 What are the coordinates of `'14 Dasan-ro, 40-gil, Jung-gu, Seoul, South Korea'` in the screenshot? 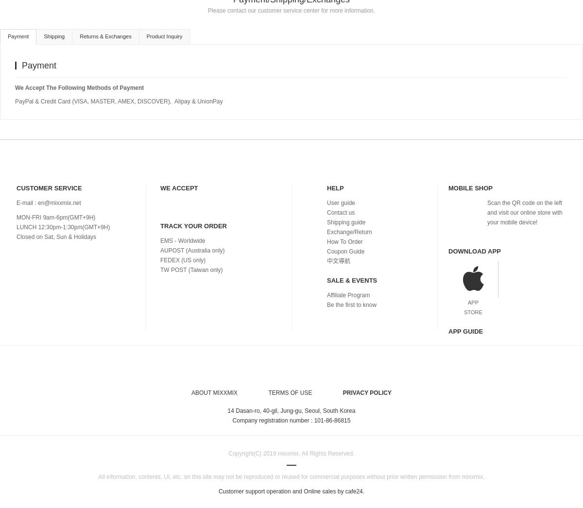 It's located at (227, 409).